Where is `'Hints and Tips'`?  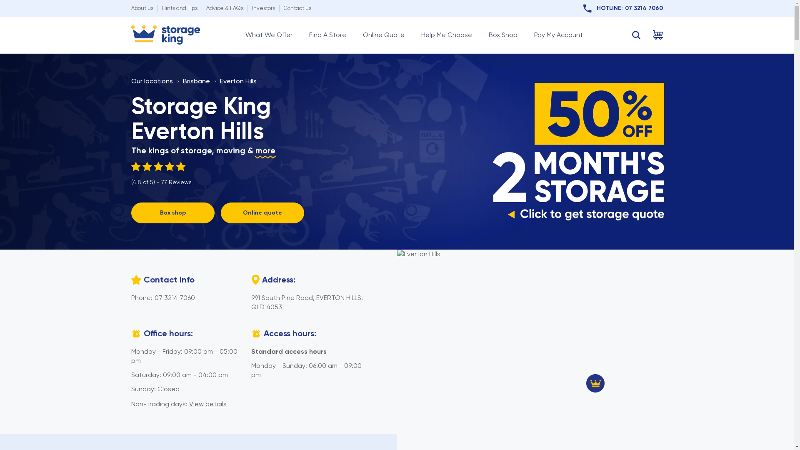
'Hints and Tips' is located at coordinates (179, 8).